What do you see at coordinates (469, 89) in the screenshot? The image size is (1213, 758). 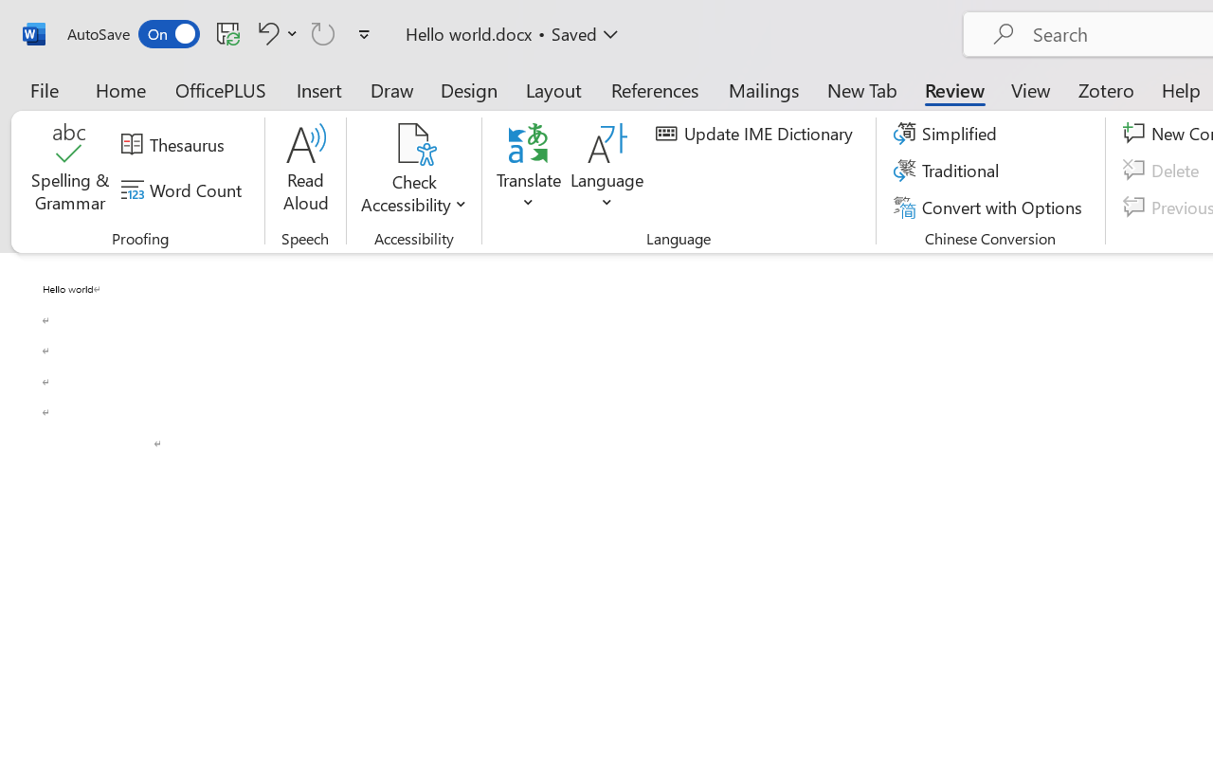 I see `'Design'` at bounding box center [469, 89].